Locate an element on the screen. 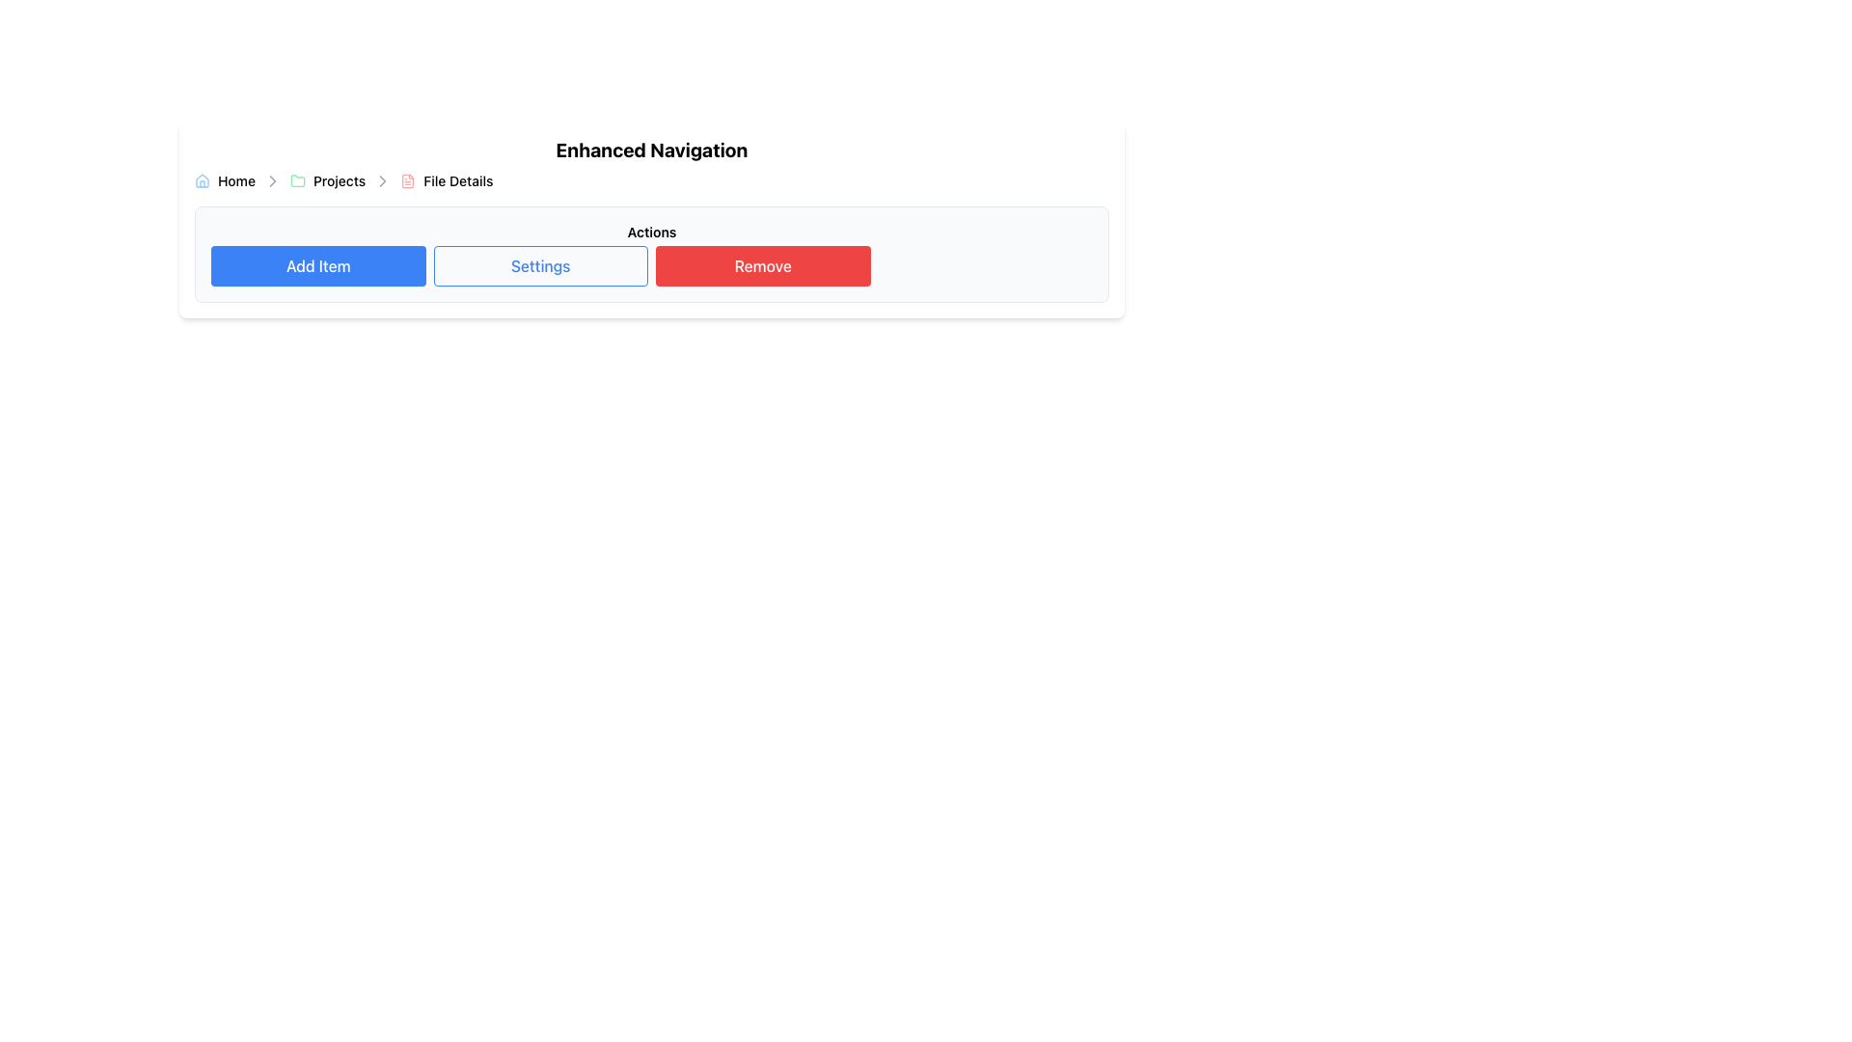  the breadcrumb text link that redirects to the home page of the application is located at coordinates (235, 181).